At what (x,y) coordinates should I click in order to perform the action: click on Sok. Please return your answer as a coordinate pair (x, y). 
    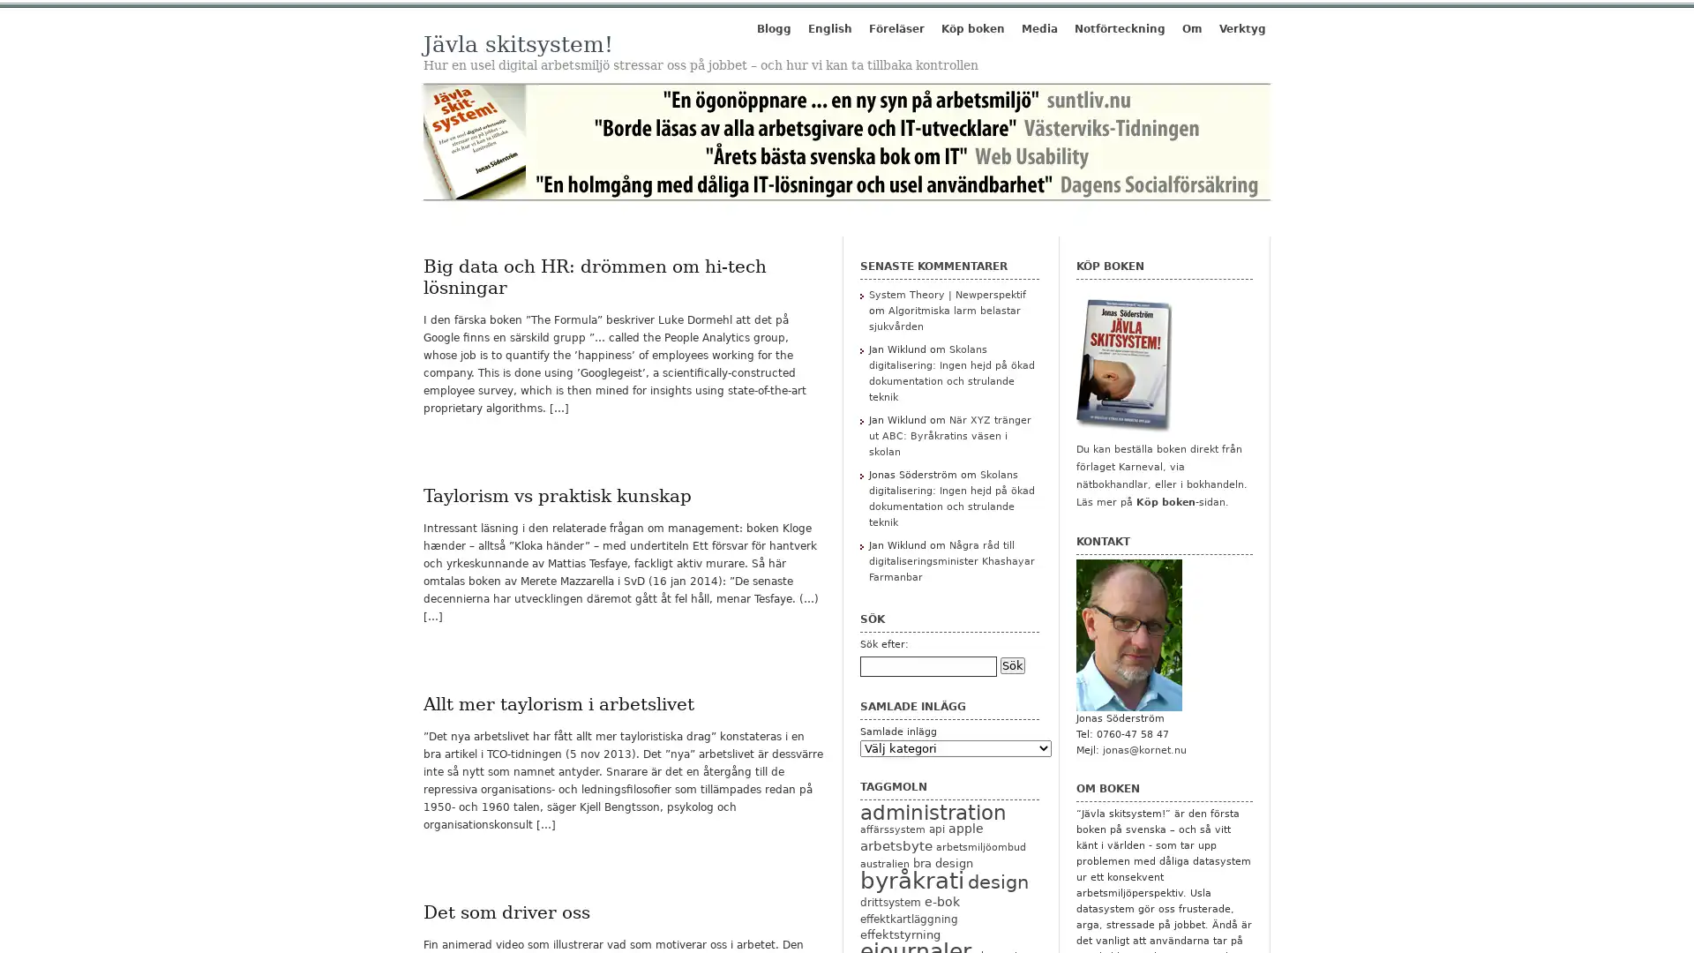
    Looking at the image, I should click on (1012, 664).